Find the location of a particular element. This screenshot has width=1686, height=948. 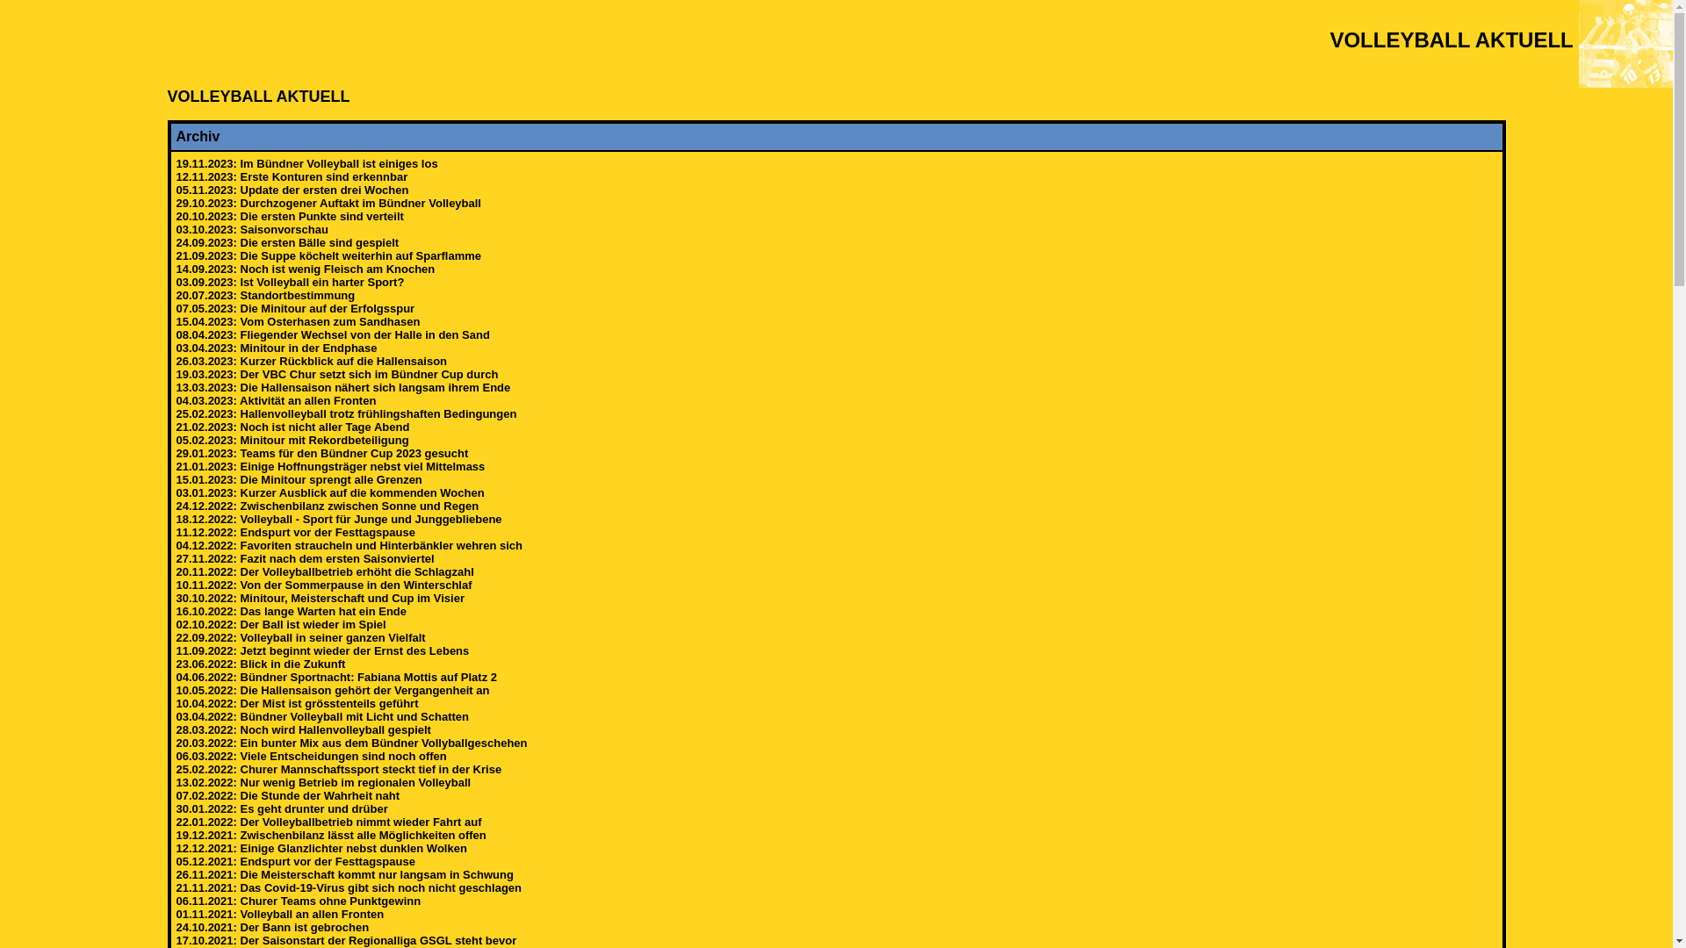

'15.01.2023: Die Minitour sprengt alle Grenzen' is located at coordinates (299, 479).